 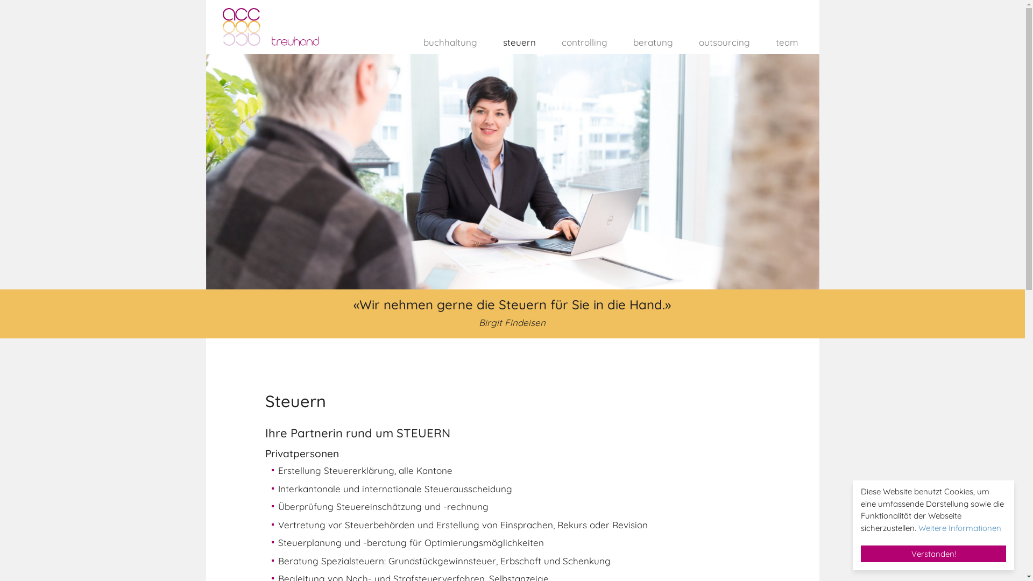 I want to click on 'team', so click(x=753, y=39).